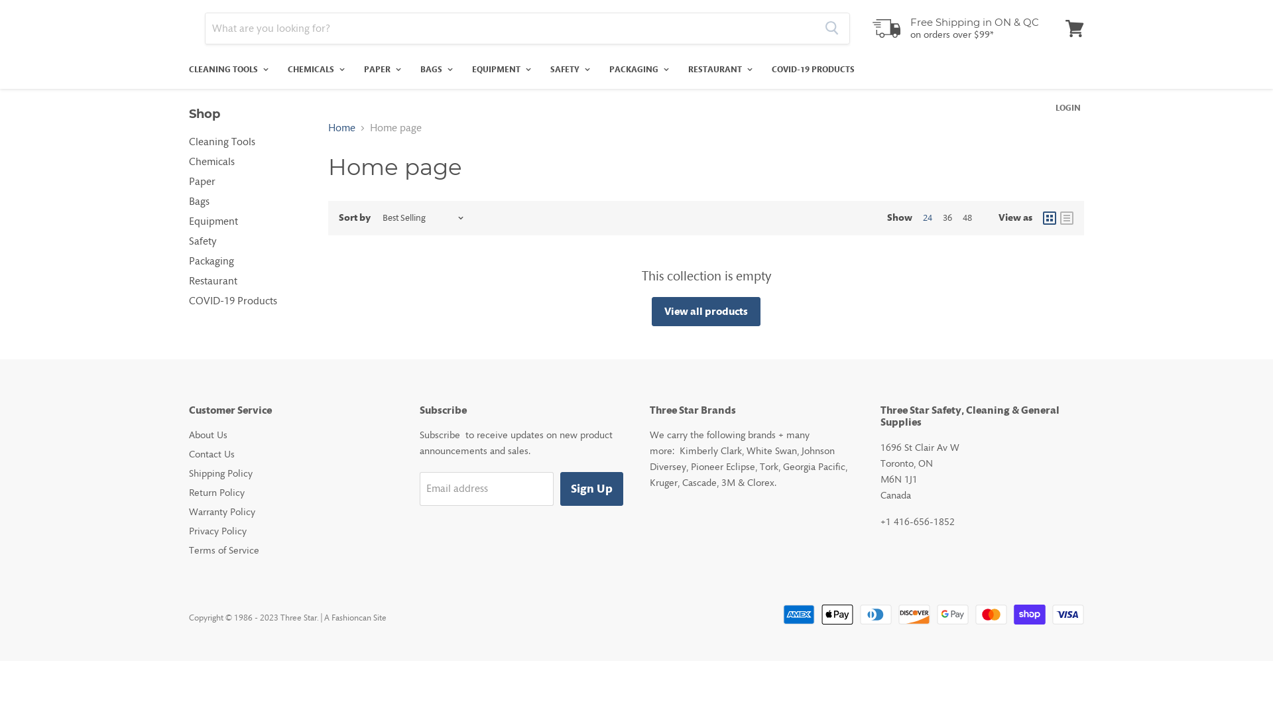 The width and height of the screenshot is (1273, 716). I want to click on 'Return Policy', so click(188, 493).